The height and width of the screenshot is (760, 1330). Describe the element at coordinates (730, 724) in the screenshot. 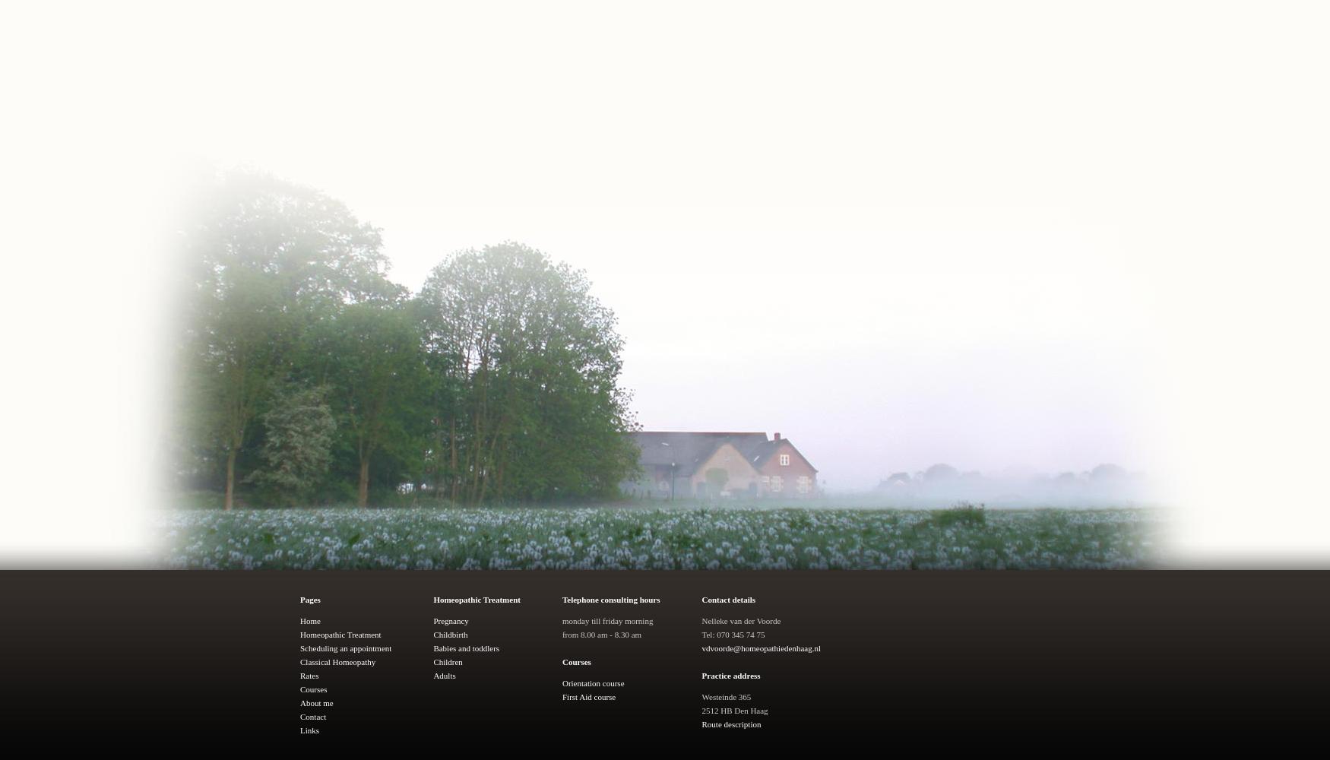

I see `'Route description'` at that location.